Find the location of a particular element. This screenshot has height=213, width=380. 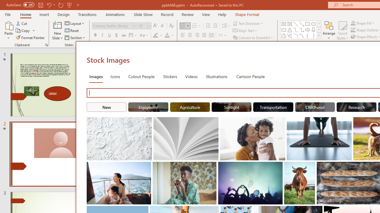

'"Childhood" Stock Images.' is located at coordinates (315, 107).